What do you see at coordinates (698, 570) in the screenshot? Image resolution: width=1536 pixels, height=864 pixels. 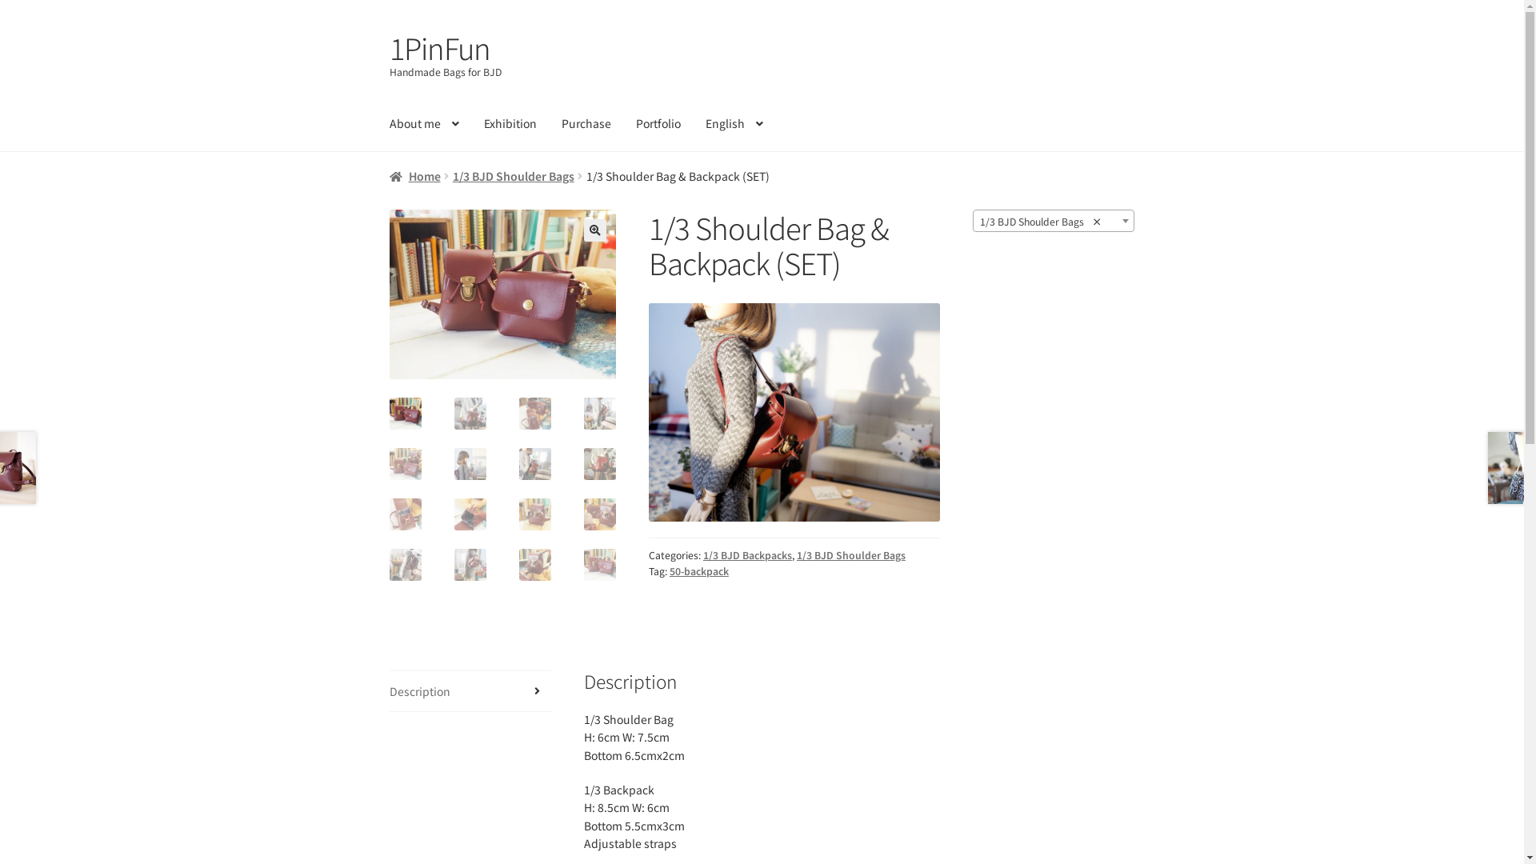 I see `'50-backpack'` at bounding box center [698, 570].